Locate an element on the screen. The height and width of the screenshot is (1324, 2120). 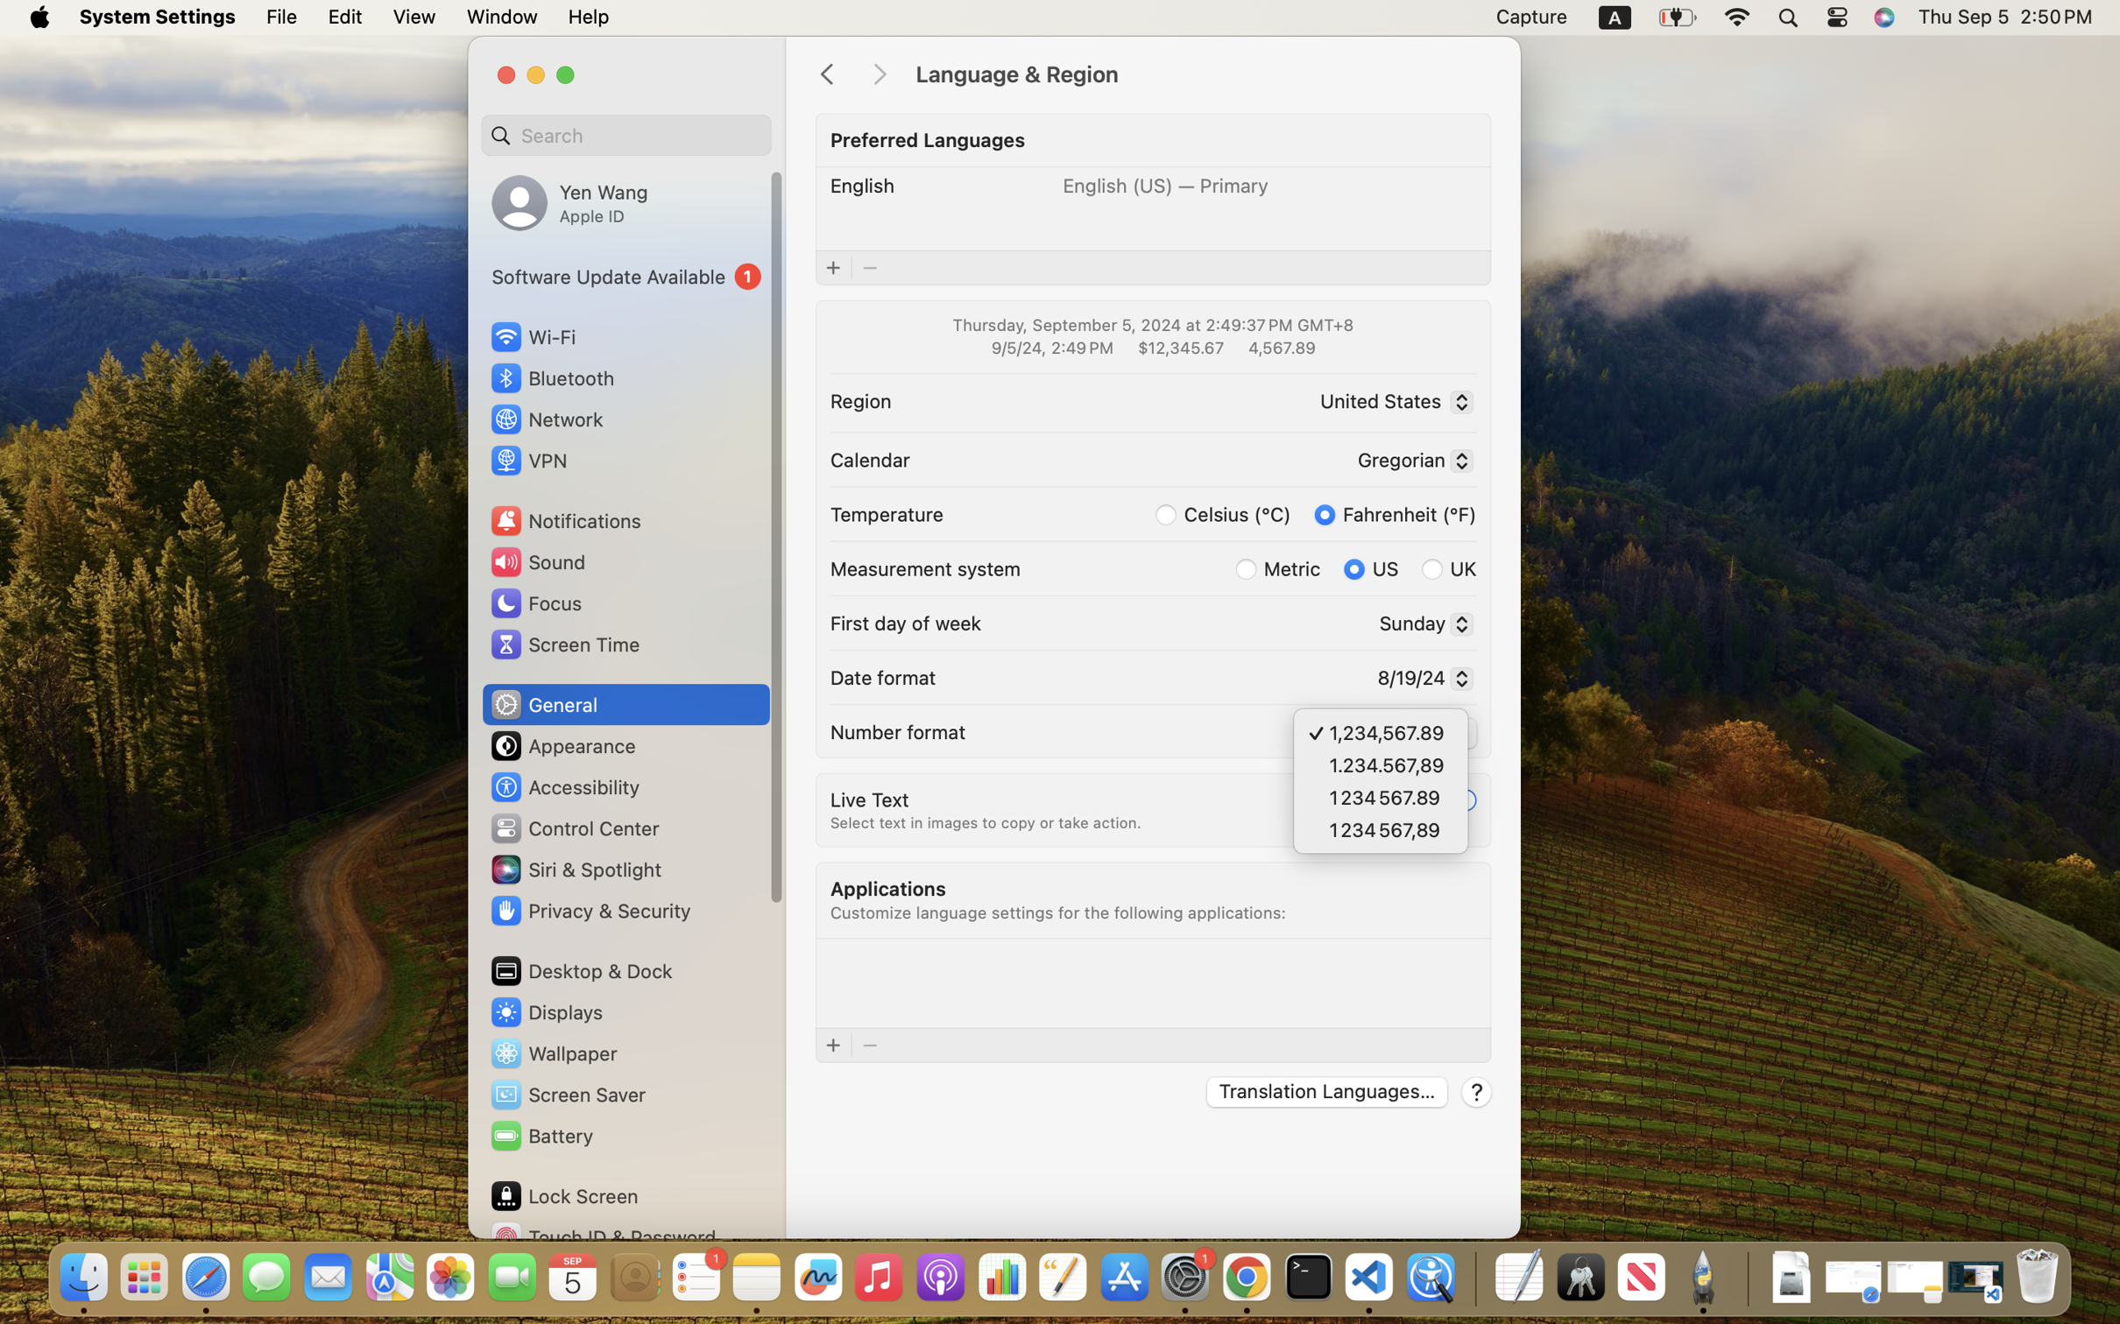
'General' is located at coordinates (541, 703).